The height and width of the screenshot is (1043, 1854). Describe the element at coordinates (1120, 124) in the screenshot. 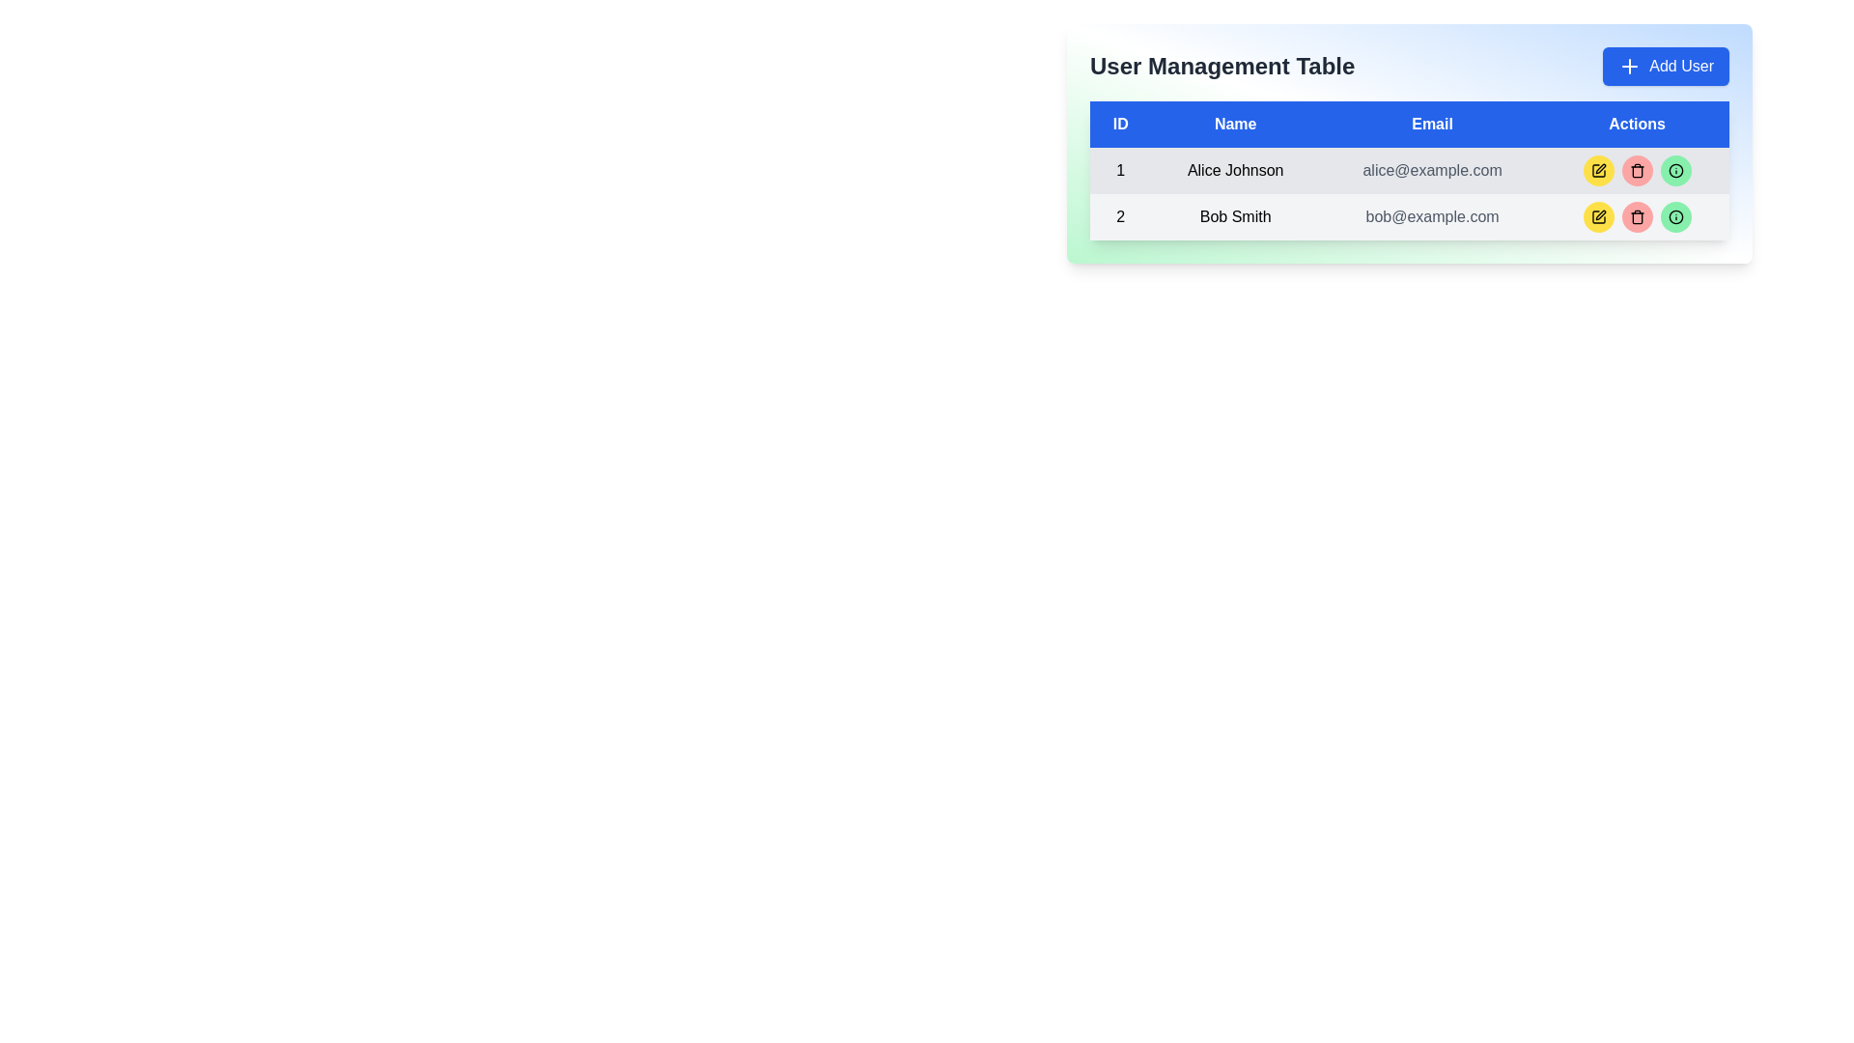

I see `the 'ID' header label in the table structure, which is the leftmost item in the header row with a blue background and white text` at that location.